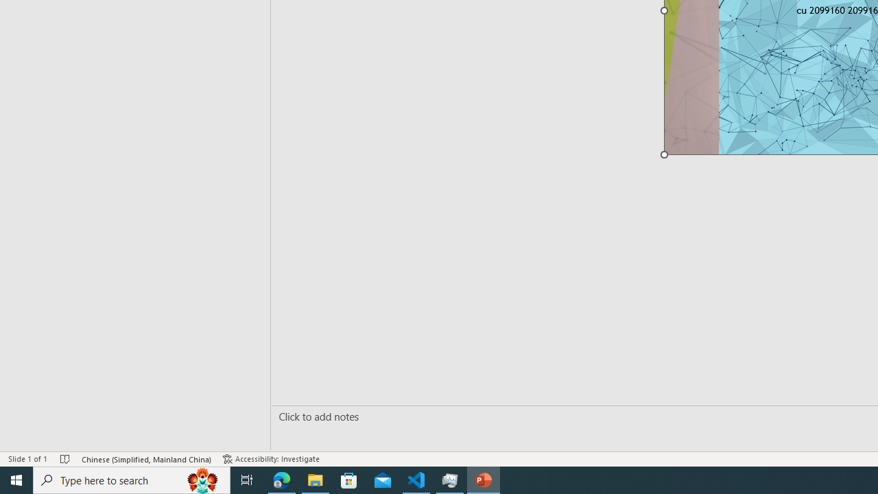 Image resolution: width=878 pixels, height=494 pixels. Describe the element at coordinates (450, 479) in the screenshot. I see `'Task Manager - 1 running window'` at that location.